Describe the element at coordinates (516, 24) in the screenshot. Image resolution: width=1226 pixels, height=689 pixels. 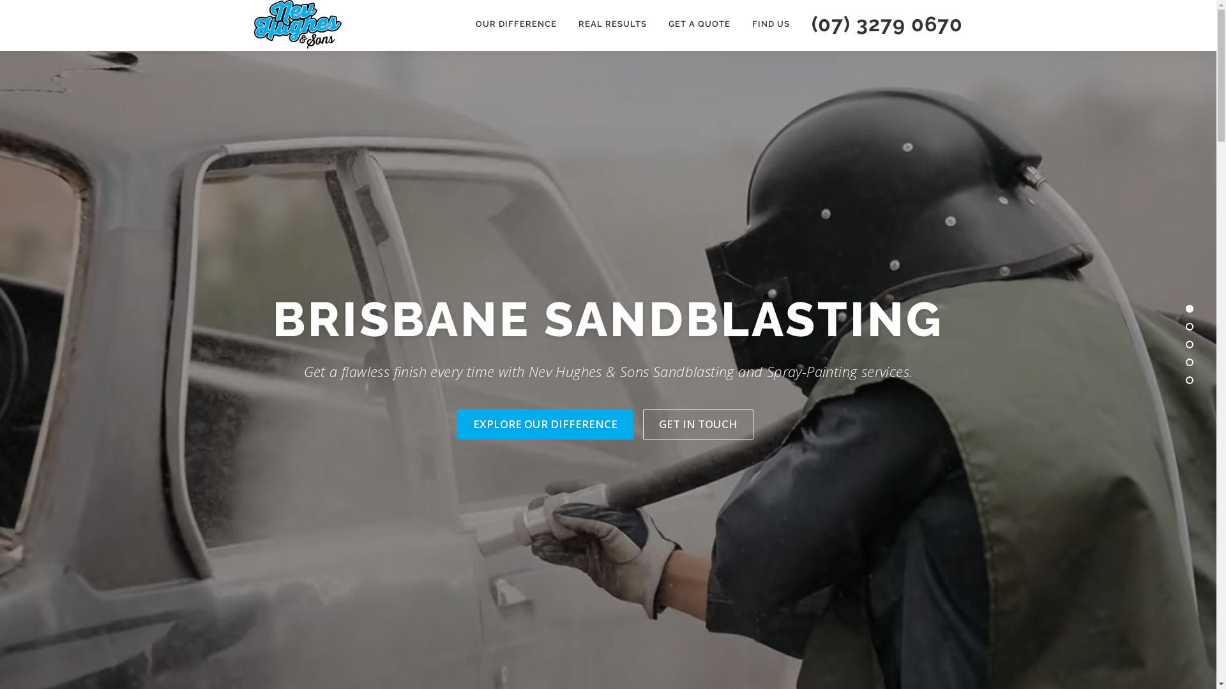
I see `'OUR DIFFERENCE'` at that location.